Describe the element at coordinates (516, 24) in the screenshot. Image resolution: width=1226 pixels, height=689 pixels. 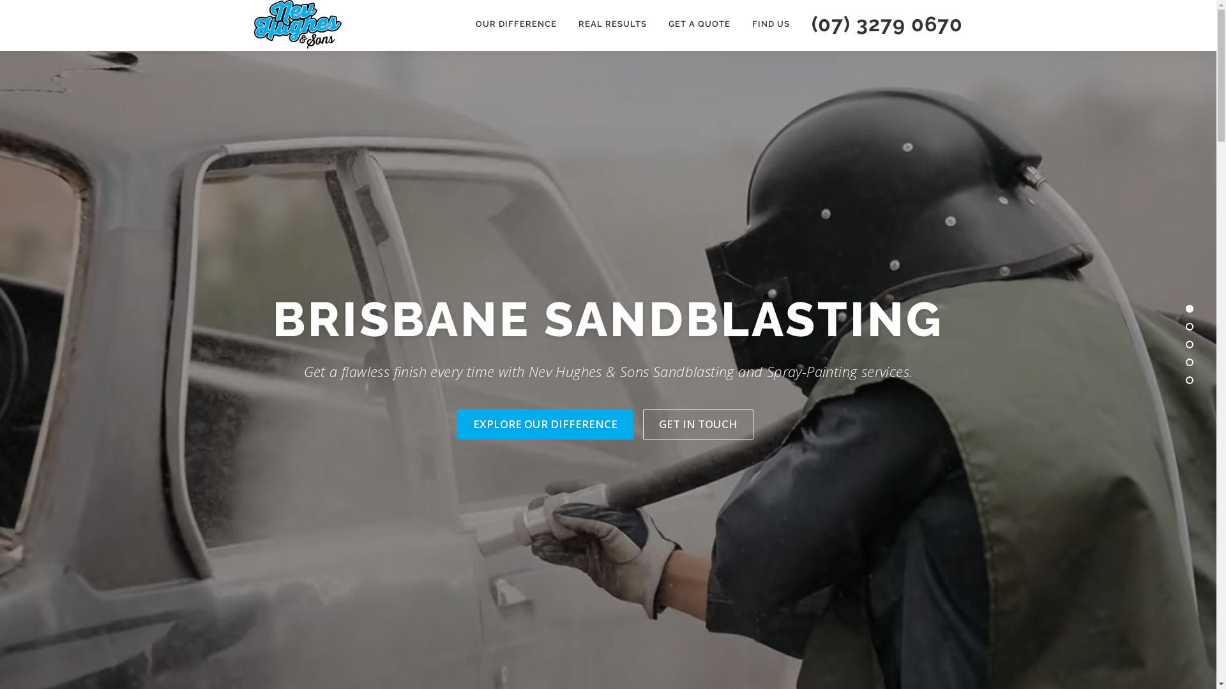
I see `'OUR DIFFERENCE'` at that location.